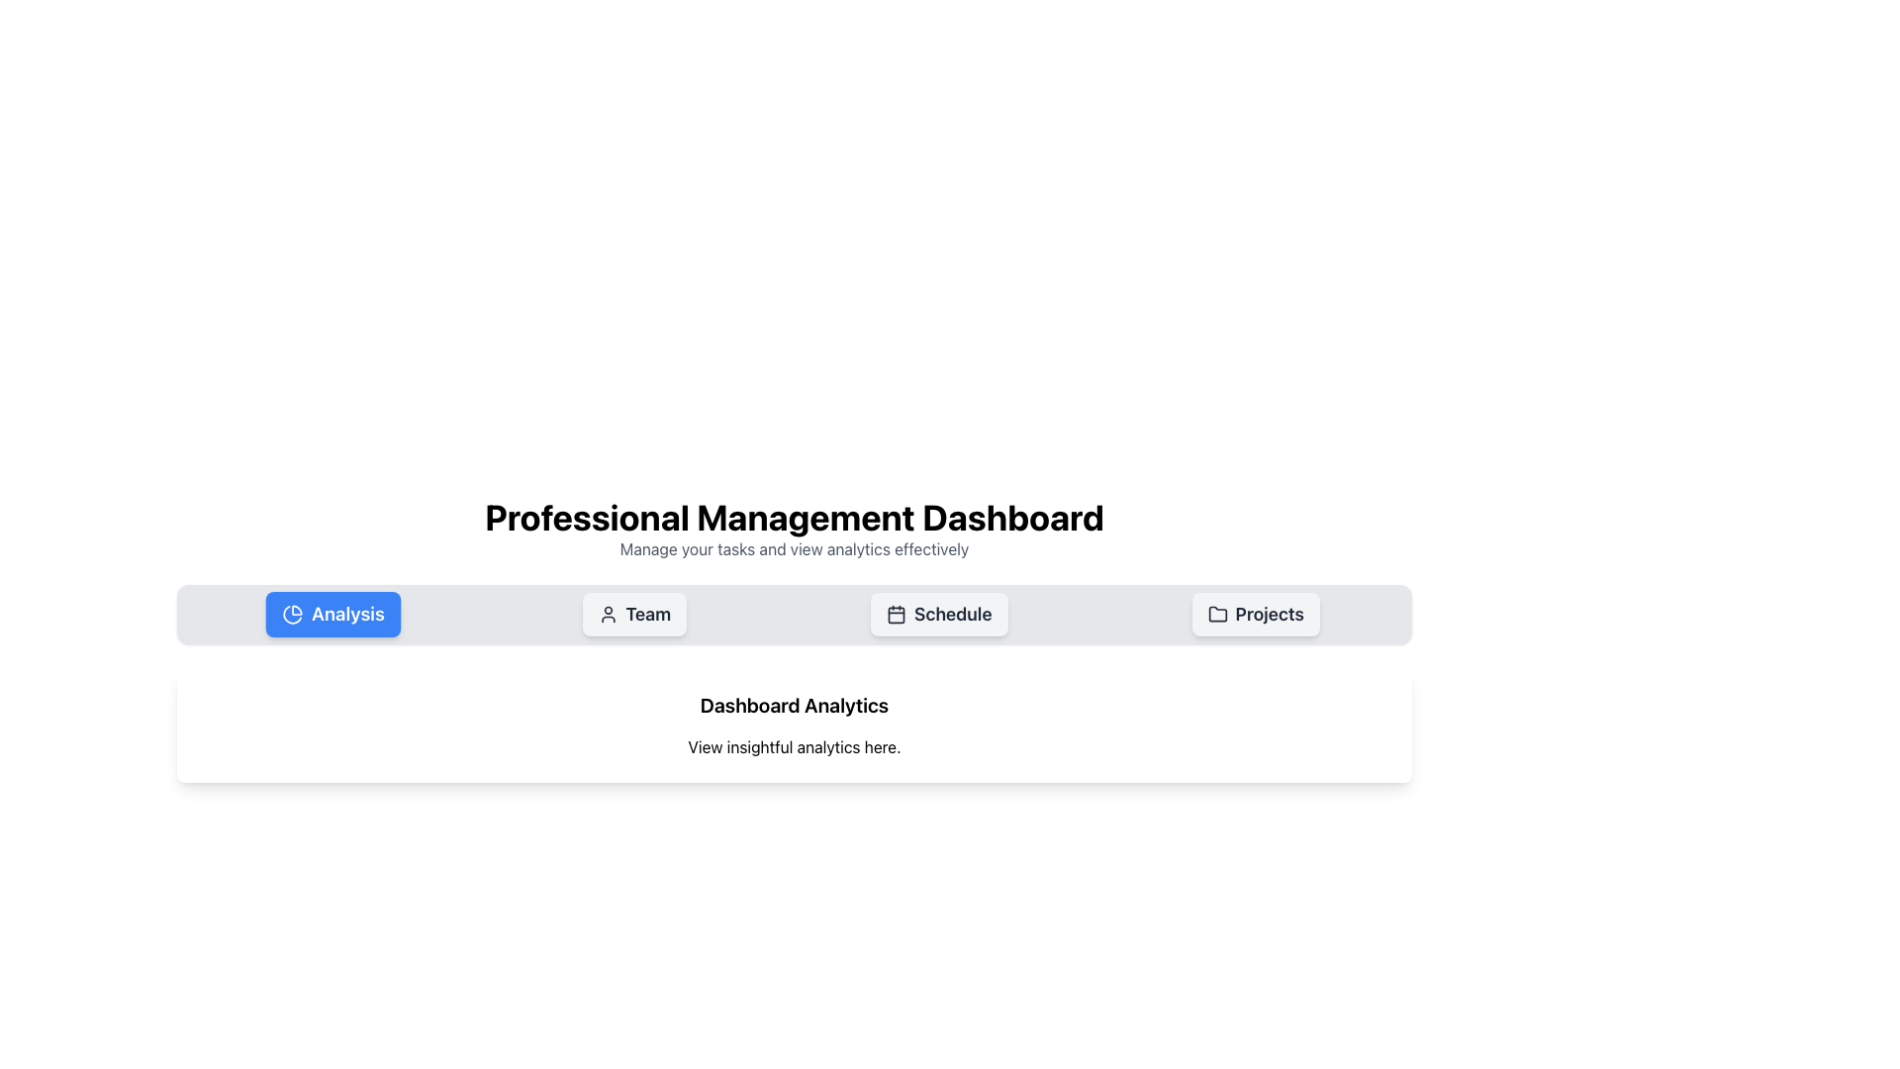  Describe the element at coordinates (794, 705) in the screenshot. I see `text from the title Text Label that indicates the purpose of the section related to analytics in the dashboard interface` at that location.